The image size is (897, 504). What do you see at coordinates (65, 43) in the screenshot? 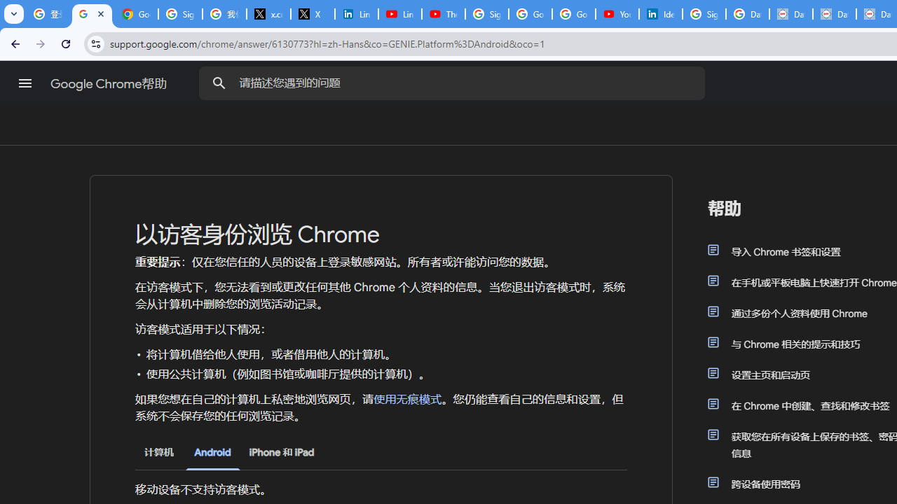
I see `'Reload'` at bounding box center [65, 43].